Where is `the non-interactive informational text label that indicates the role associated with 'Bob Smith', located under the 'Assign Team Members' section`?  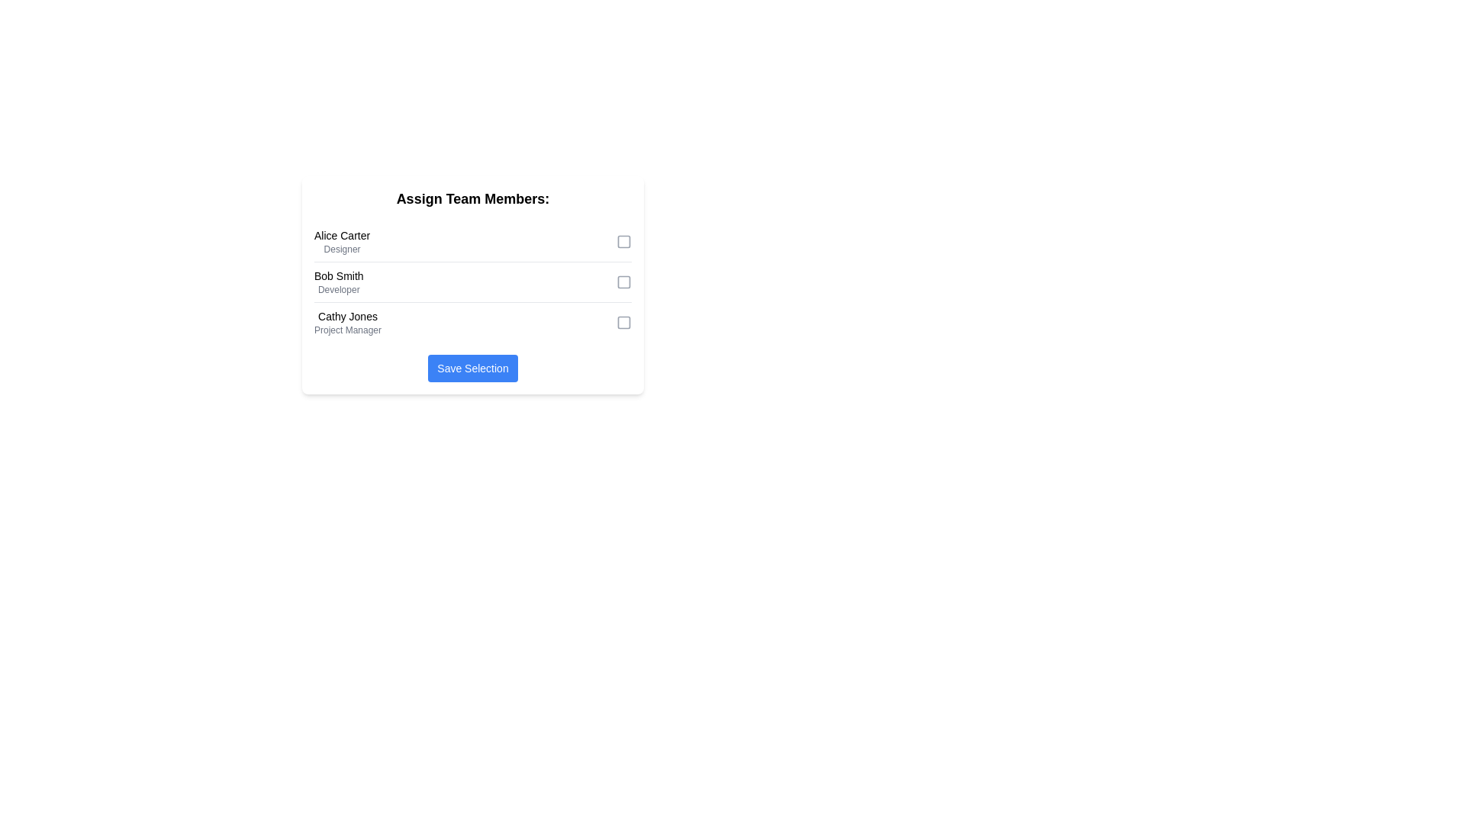
the non-interactive informational text label that indicates the role associated with 'Bob Smith', located under the 'Assign Team Members' section is located at coordinates (338, 290).